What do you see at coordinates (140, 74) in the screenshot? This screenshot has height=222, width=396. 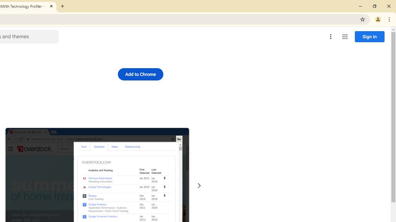 I see `'Add to Chrome'` at bounding box center [140, 74].